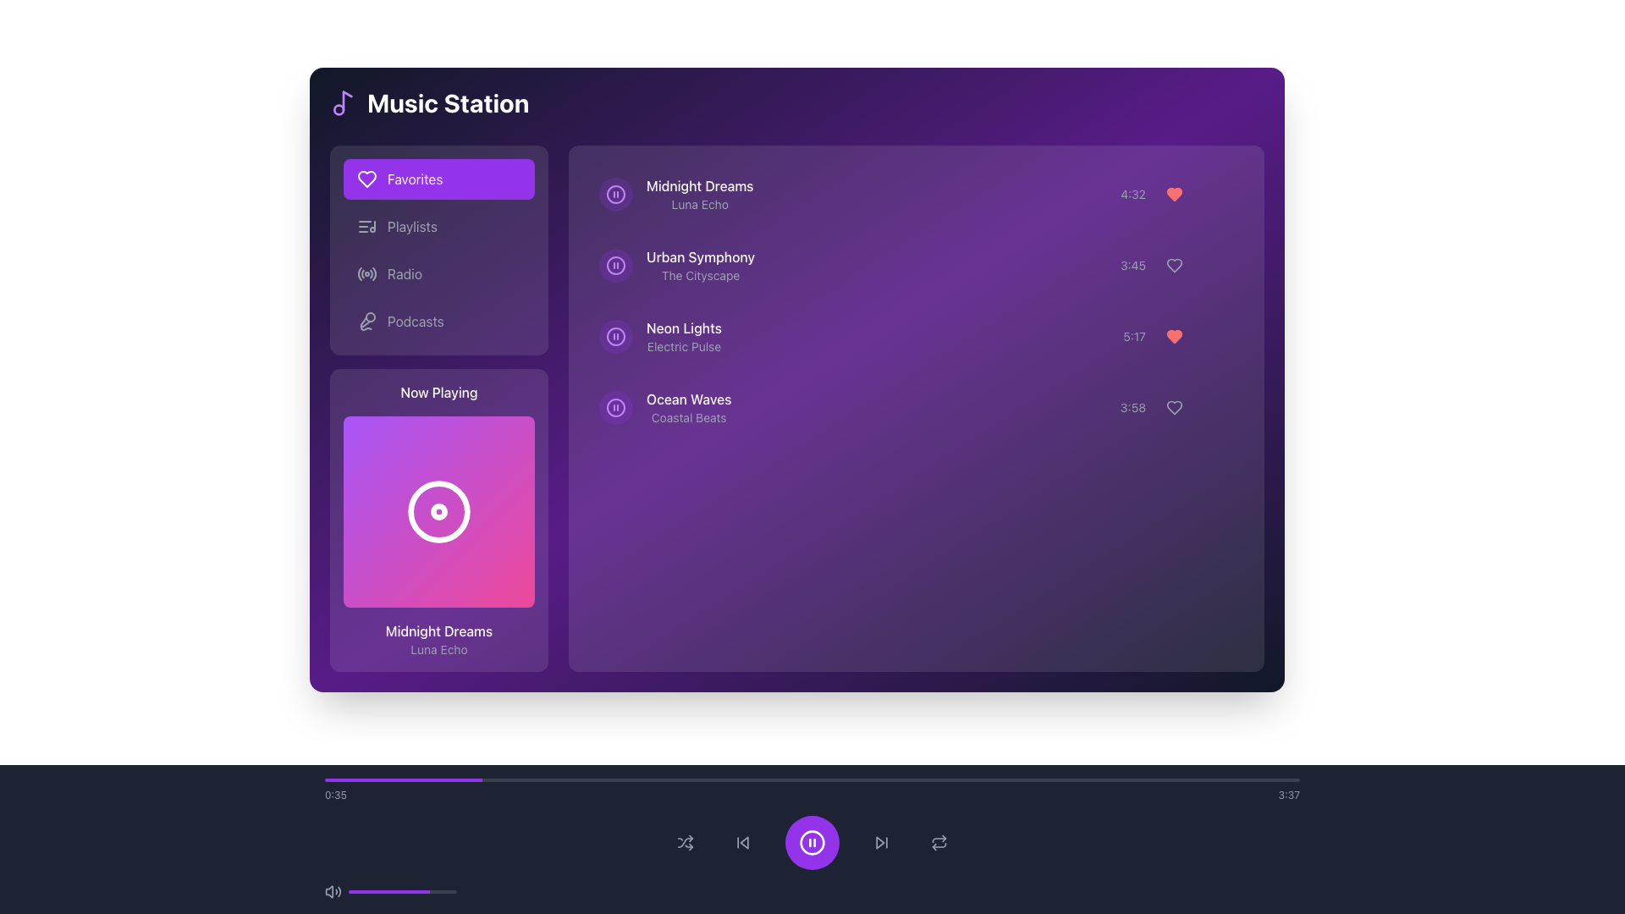  What do you see at coordinates (684, 336) in the screenshot?
I see `the Text label displaying the title and artist of a song in the playlist, located in the third row of the vertical list in the right-hand content panel` at bounding box center [684, 336].